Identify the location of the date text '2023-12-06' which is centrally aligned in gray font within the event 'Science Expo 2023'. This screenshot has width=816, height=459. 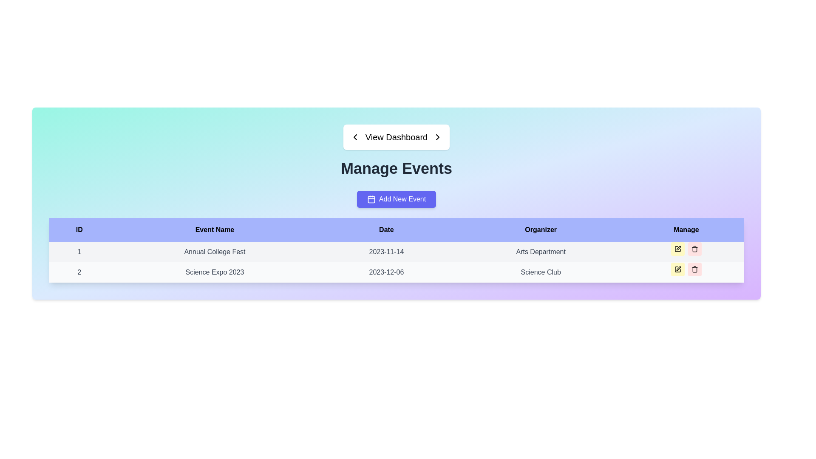
(386, 272).